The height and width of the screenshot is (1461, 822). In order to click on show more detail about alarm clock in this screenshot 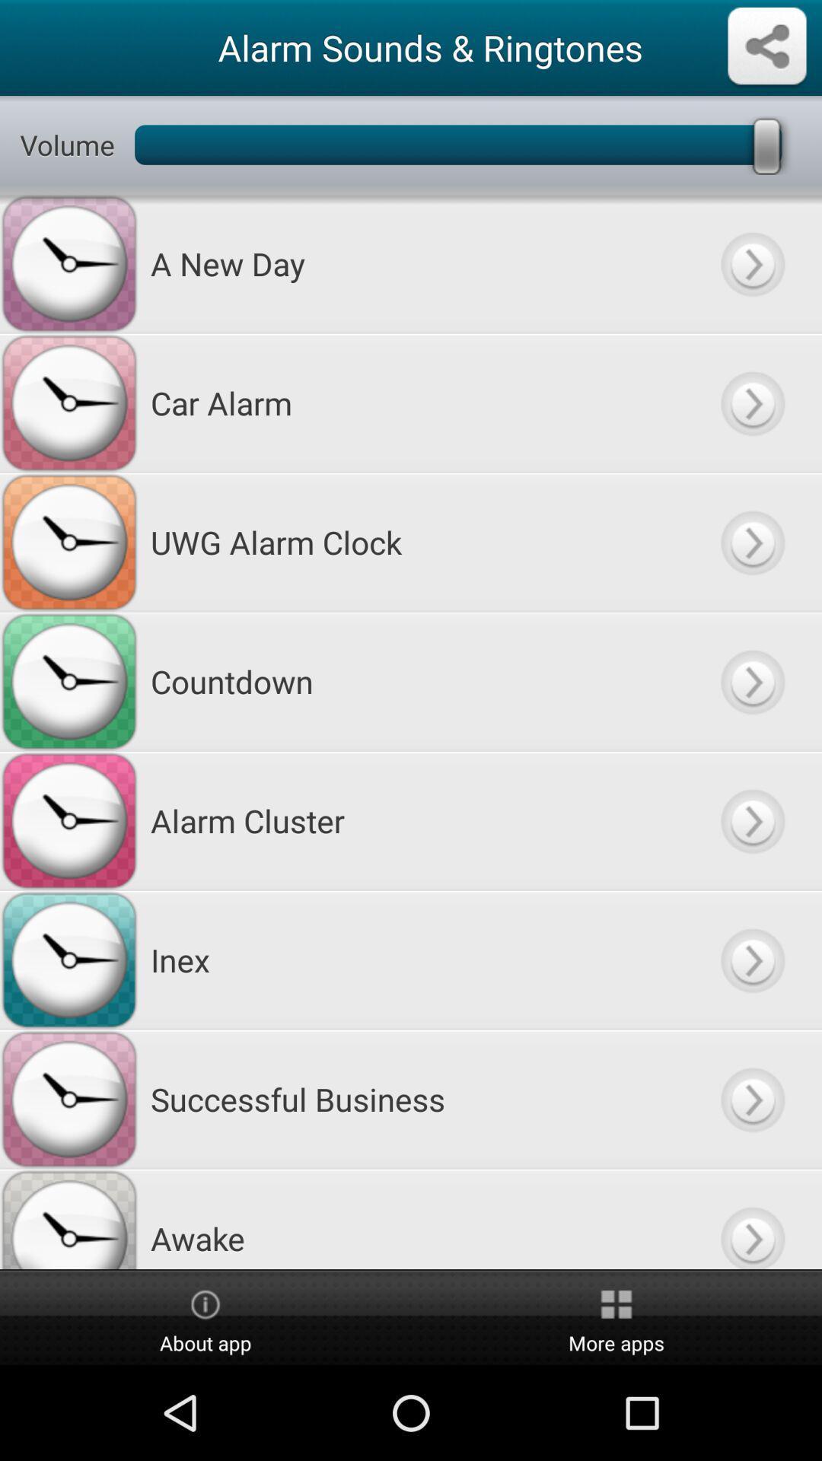, I will do `click(751, 542)`.